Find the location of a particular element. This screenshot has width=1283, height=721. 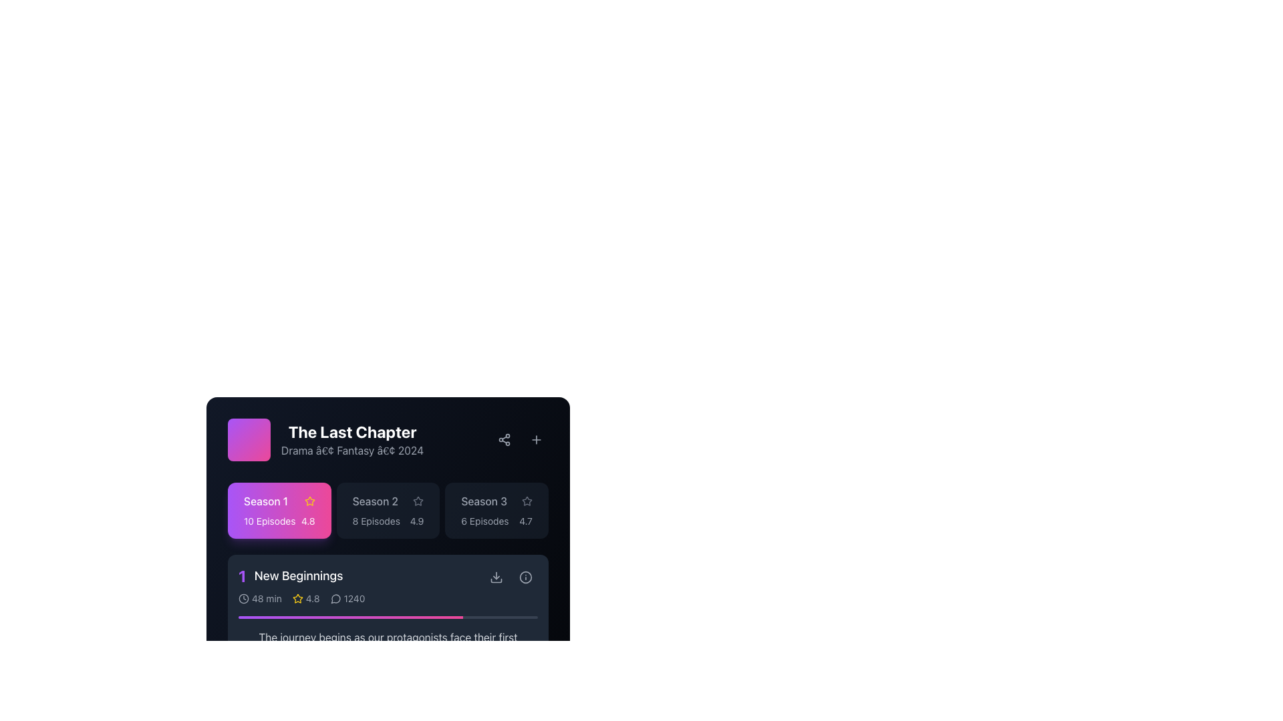

the SVG graphical representation icon located in the 'New Beginnings' section is located at coordinates (496, 580).